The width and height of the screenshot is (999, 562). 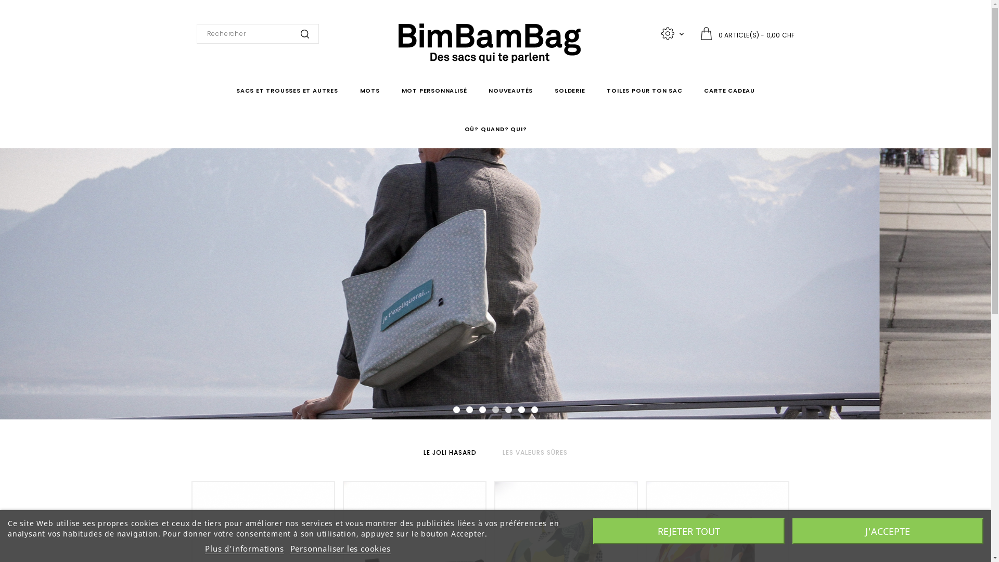 What do you see at coordinates (287, 90) in the screenshot?
I see `'SACS ET TROUSSES ET AUTRES'` at bounding box center [287, 90].